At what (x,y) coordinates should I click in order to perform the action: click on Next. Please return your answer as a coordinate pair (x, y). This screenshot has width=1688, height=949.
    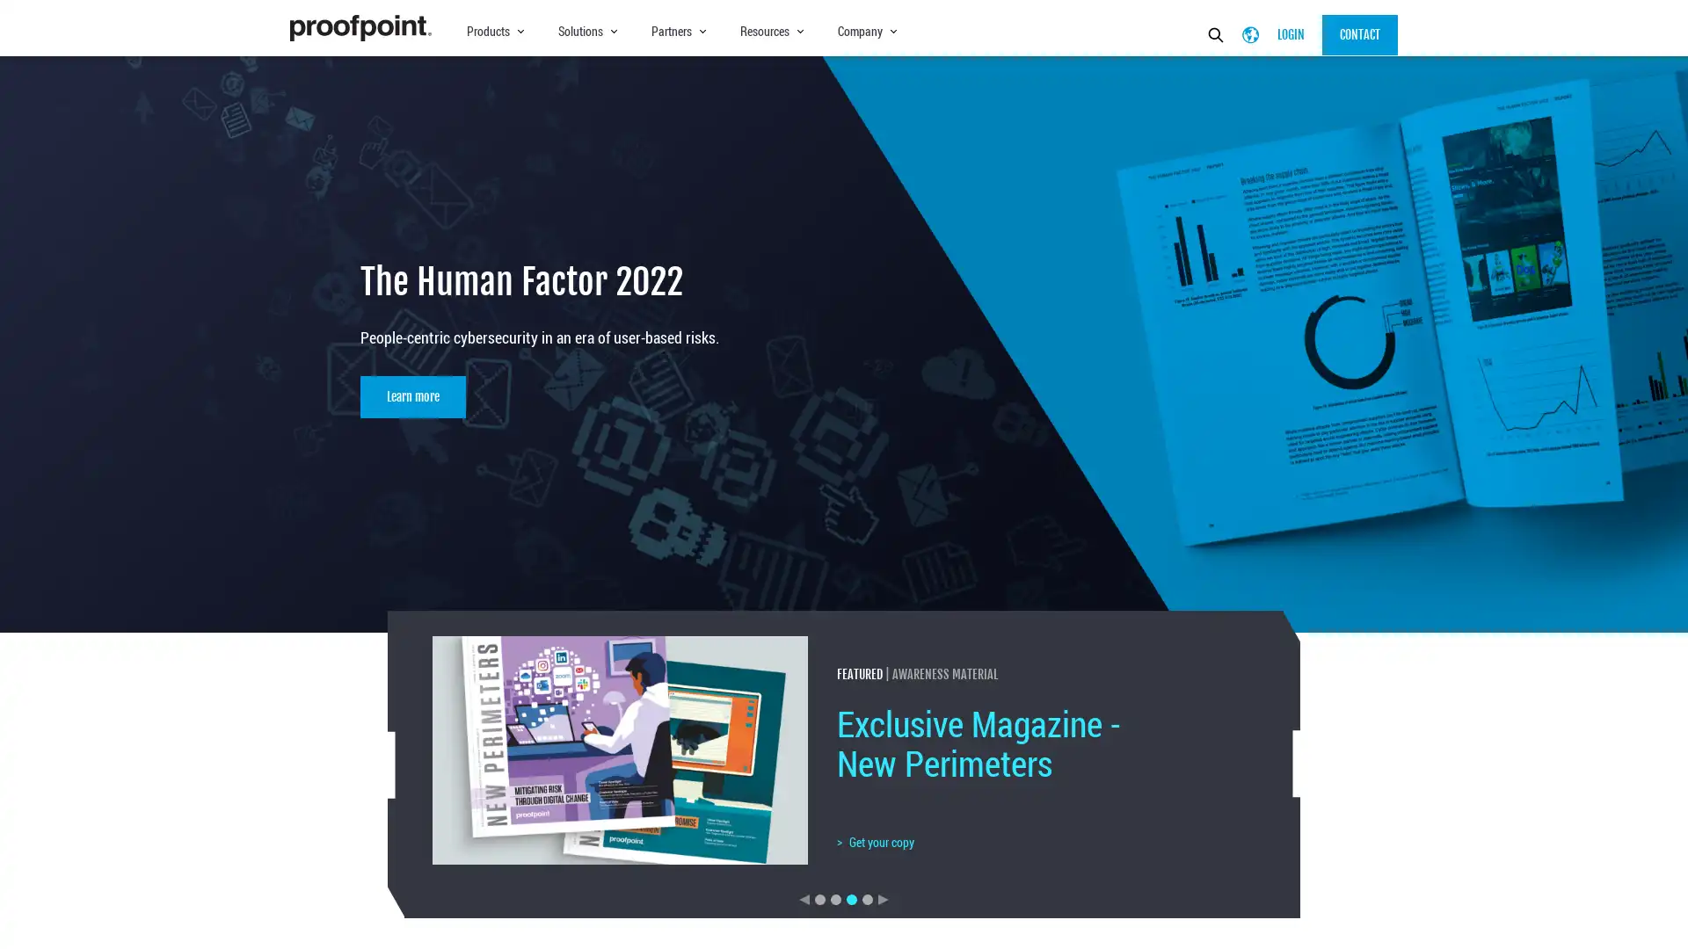
    Looking at the image, I should click on (883, 898).